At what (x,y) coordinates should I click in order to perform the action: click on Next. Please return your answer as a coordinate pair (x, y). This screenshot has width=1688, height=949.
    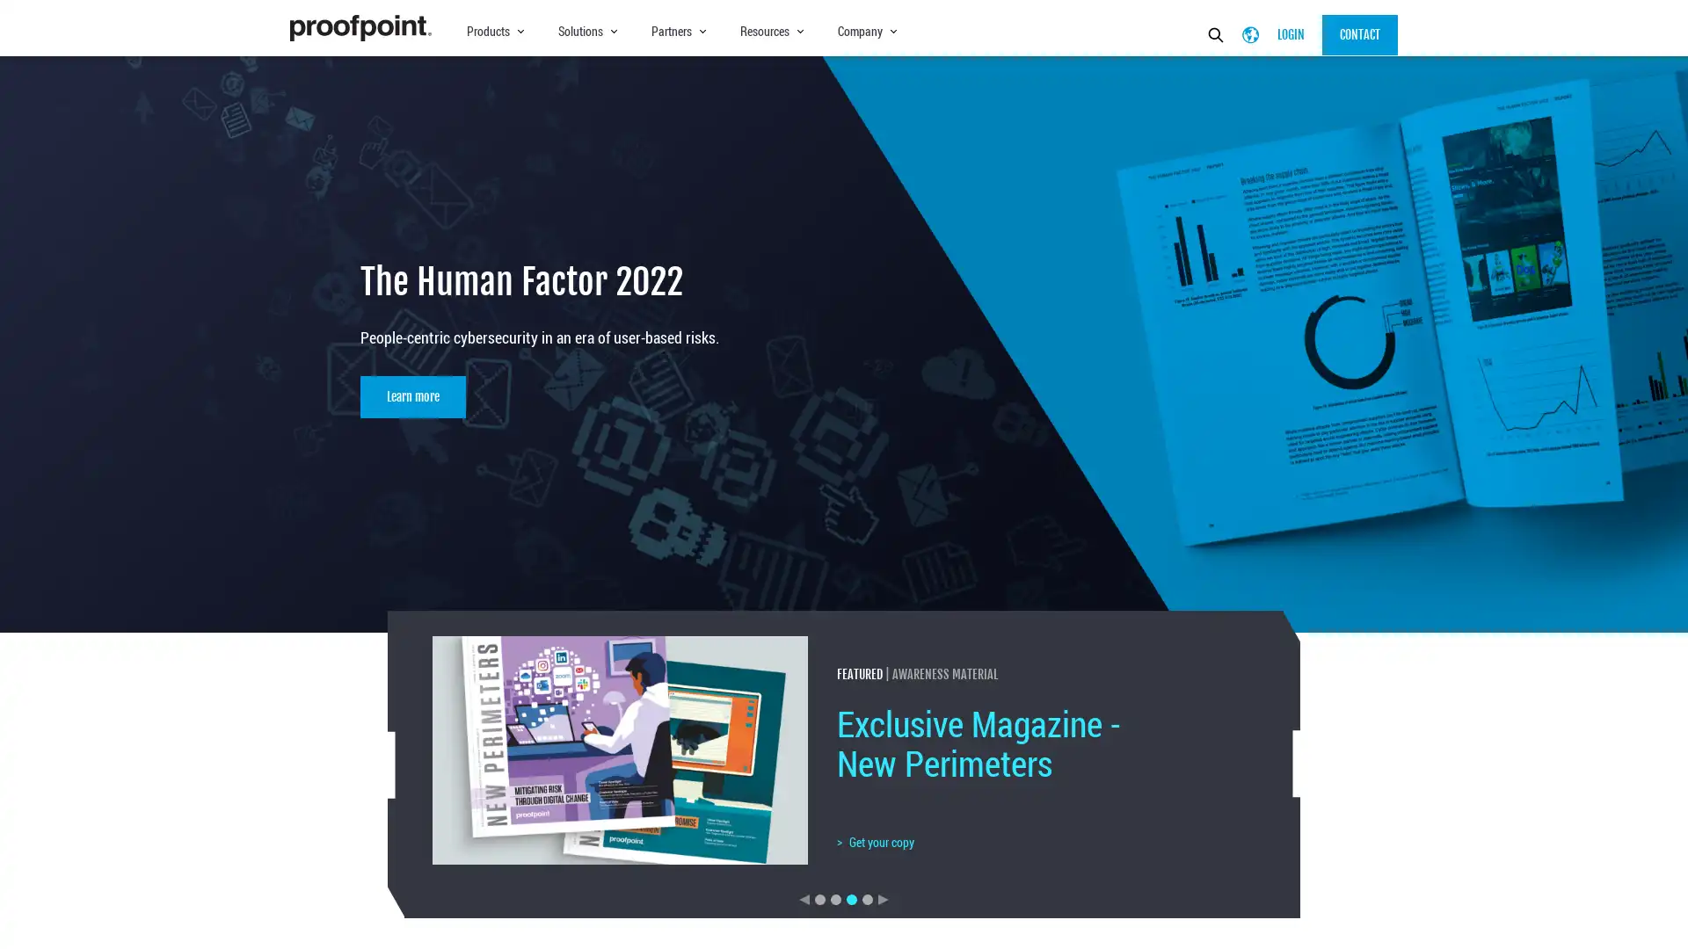
    Looking at the image, I should click on (883, 898).